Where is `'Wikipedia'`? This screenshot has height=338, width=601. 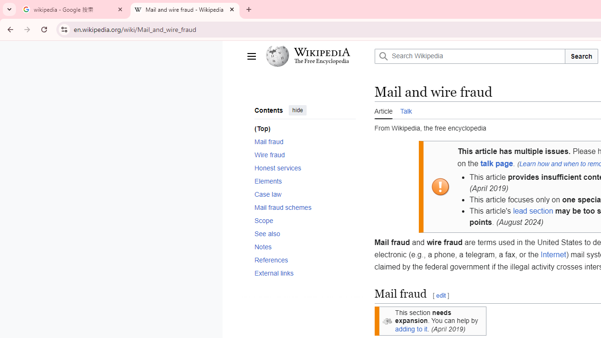
'Wikipedia' is located at coordinates (322, 52).